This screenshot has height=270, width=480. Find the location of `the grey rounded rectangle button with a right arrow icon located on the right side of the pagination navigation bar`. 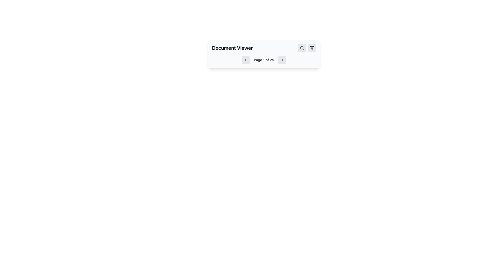

the grey rounded rectangle button with a right arrow icon located on the right side of the pagination navigation bar is located at coordinates (282, 59).